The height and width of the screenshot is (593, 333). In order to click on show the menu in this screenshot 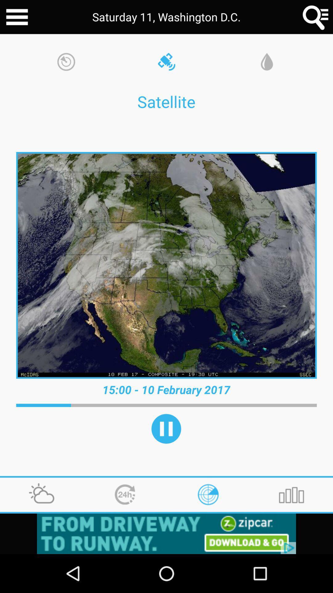, I will do `click(17, 17)`.